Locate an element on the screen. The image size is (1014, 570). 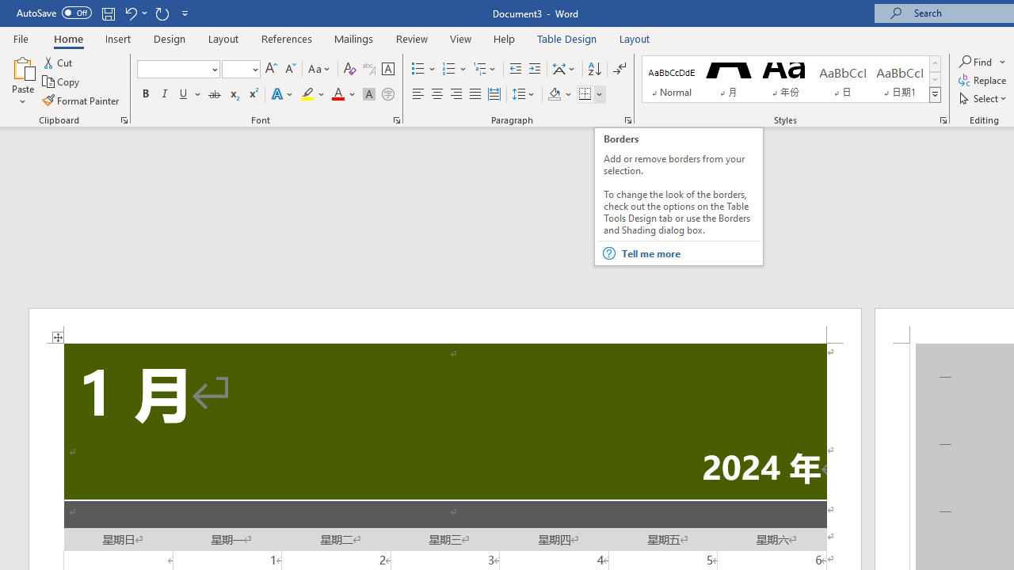
'Shading RGB(0, 0, 0)' is located at coordinates (554, 94).